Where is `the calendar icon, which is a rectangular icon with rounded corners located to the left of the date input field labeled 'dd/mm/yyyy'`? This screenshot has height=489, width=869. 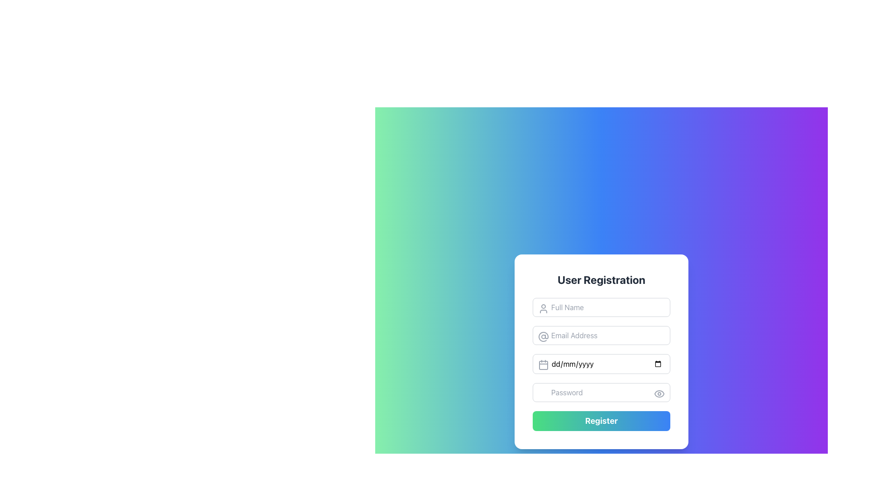 the calendar icon, which is a rectangular icon with rounded corners located to the left of the date input field labeled 'dd/mm/yyyy' is located at coordinates (543, 364).